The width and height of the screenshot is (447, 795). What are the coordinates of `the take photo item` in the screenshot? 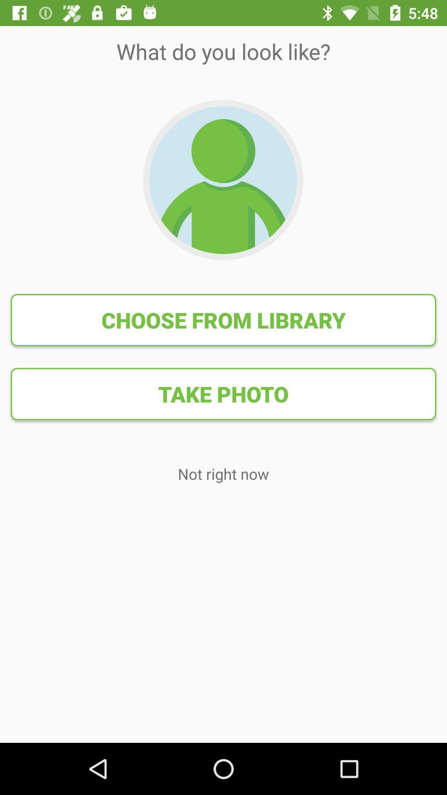 It's located at (223, 393).